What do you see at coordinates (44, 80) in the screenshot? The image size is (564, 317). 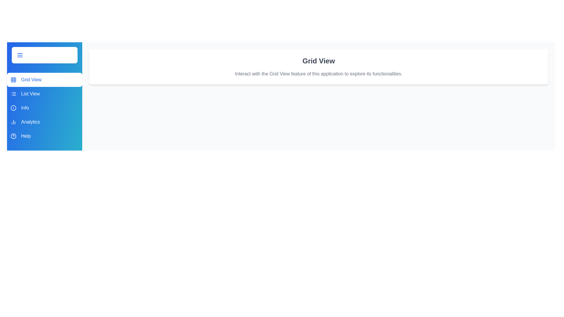 I see `the sidebar menu item labeled Grid View` at bounding box center [44, 80].